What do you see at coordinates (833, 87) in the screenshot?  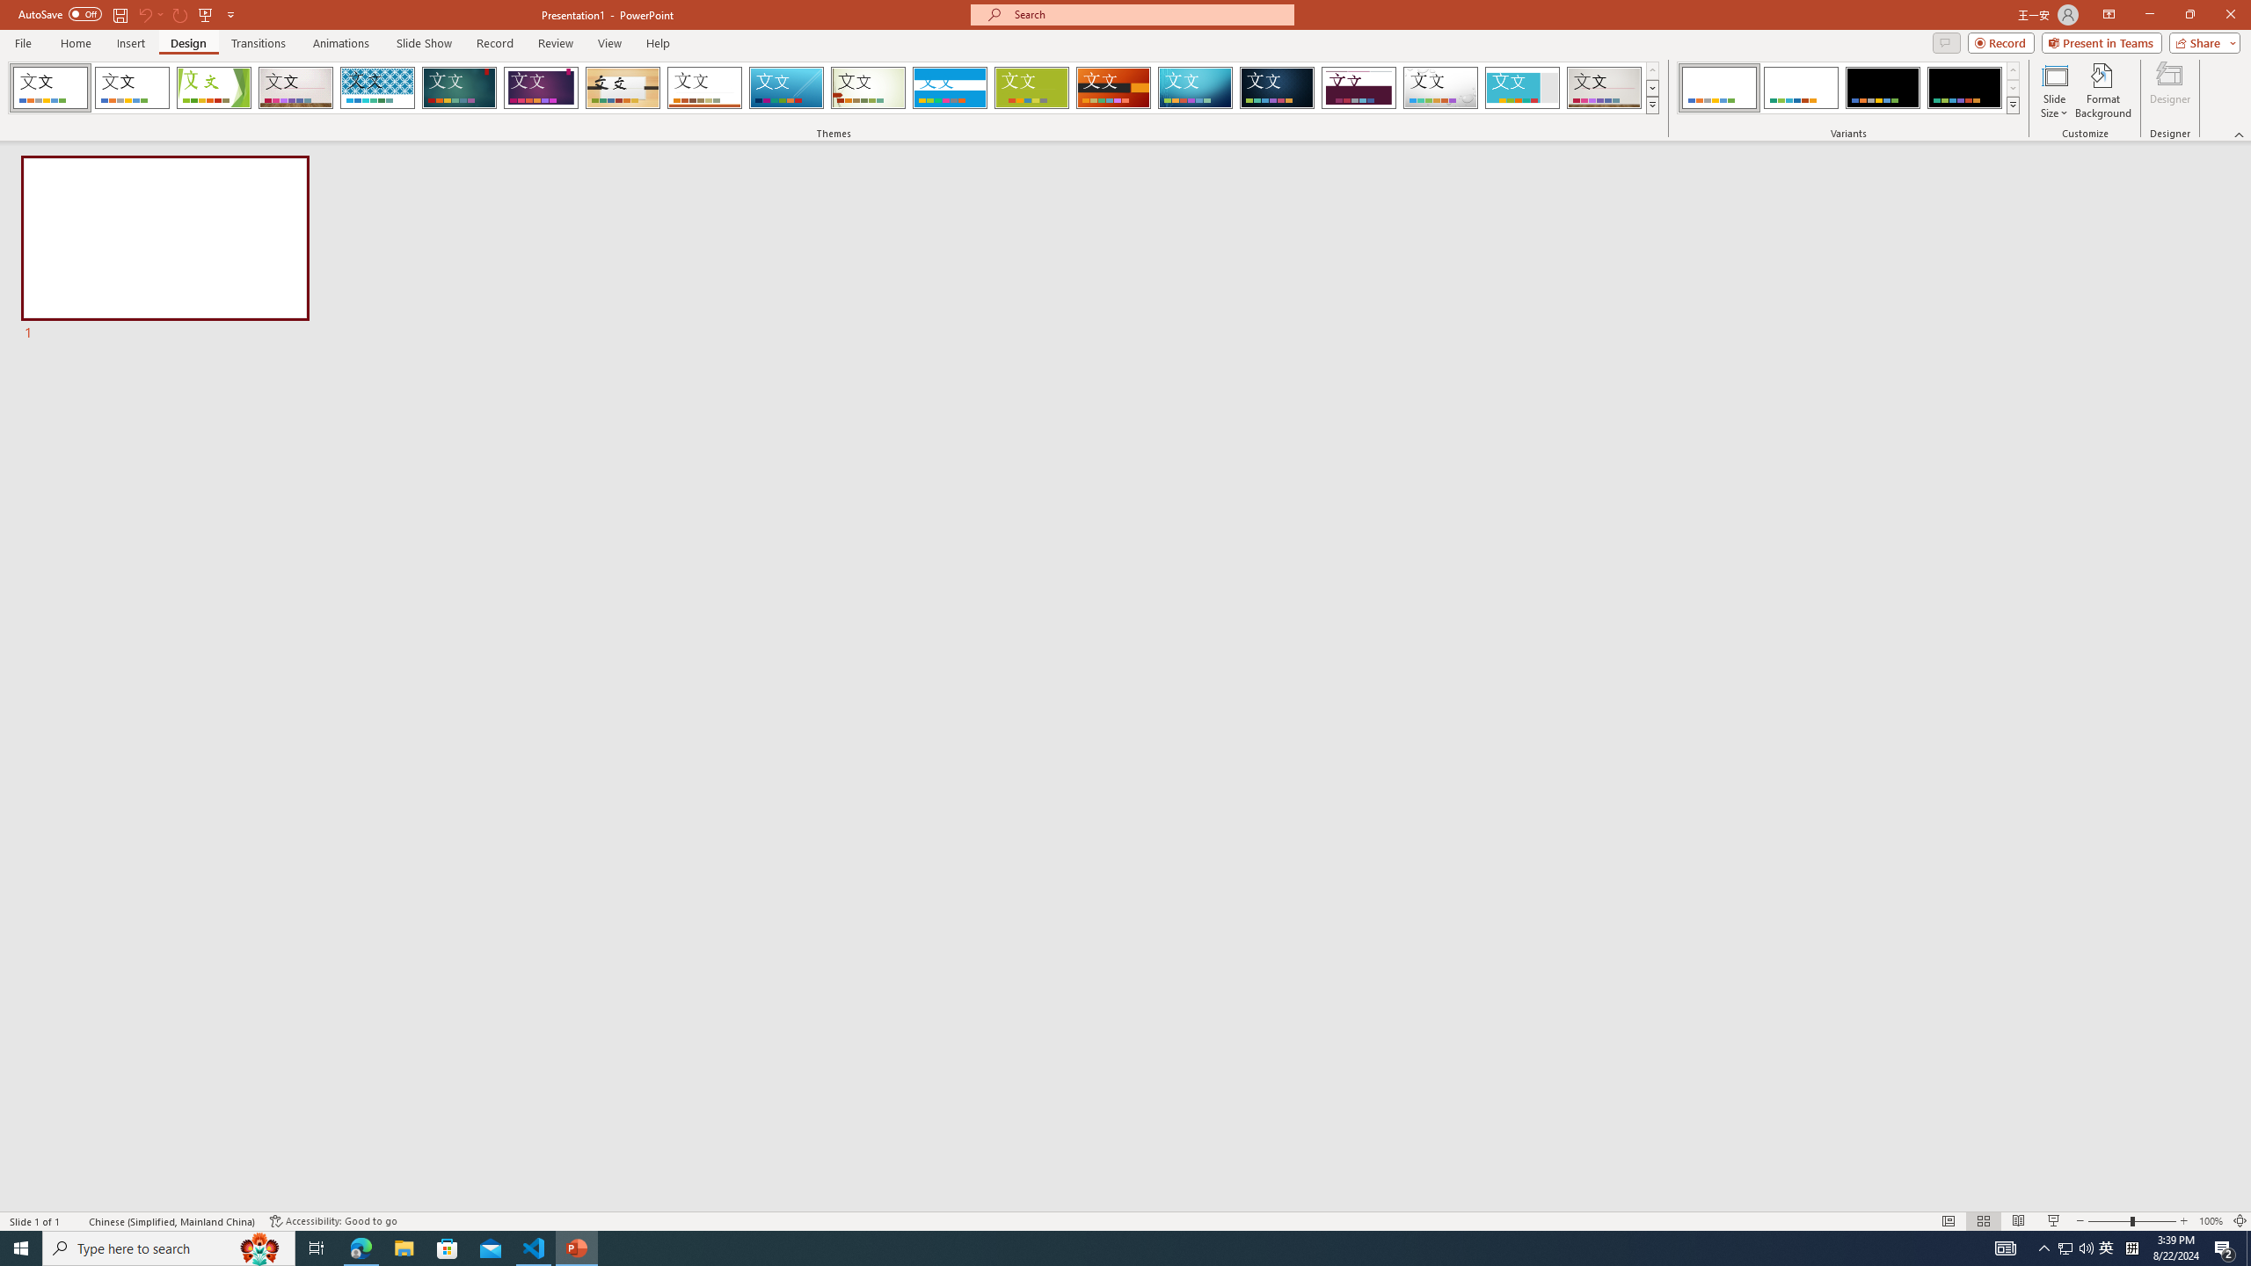 I see `'AutomationID: SlideThemesGallery'` at bounding box center [833, 87].